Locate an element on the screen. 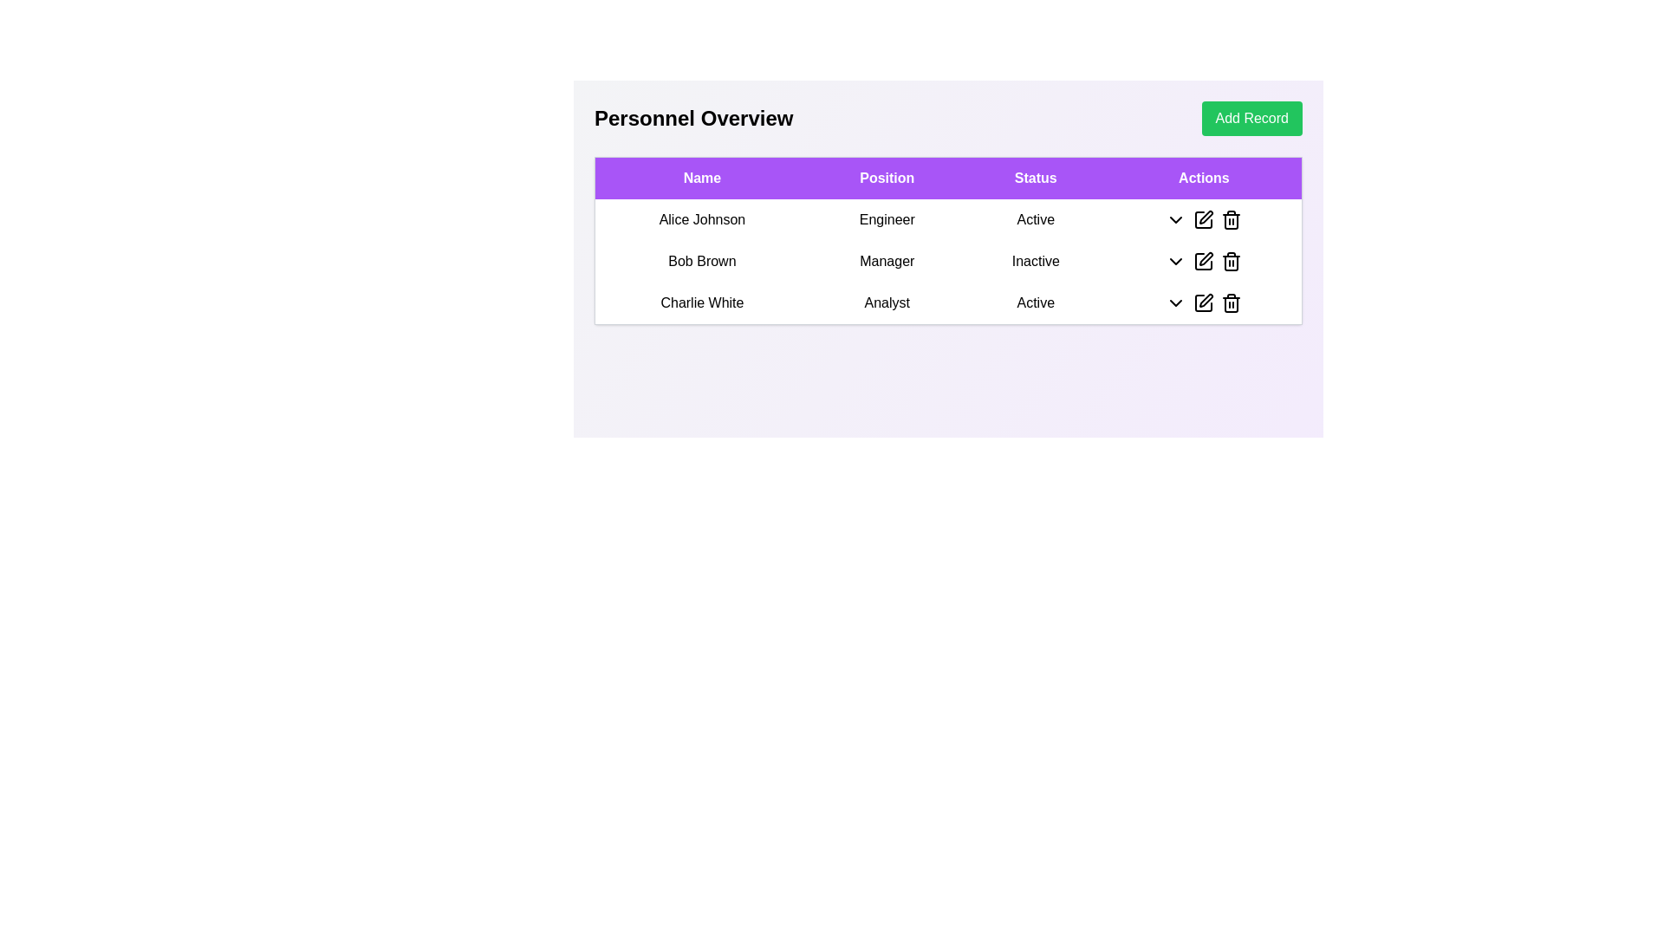  the downward-pointing chevron icon in the 'Actions' column of the 'Charlie White' row is located at coordinates (1176, 302).